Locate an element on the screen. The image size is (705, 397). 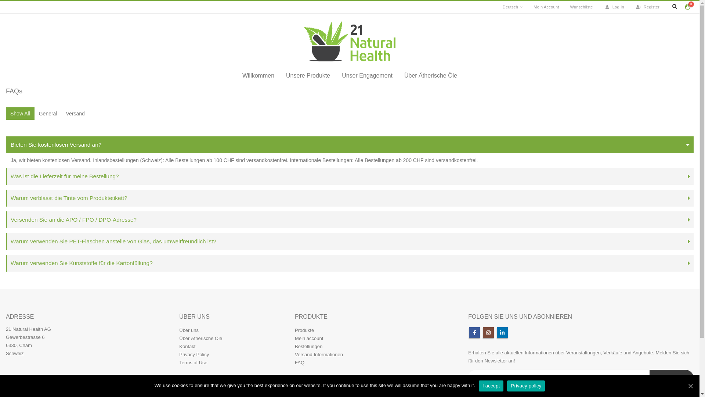
'Mein Account' is located at coordinates (546, 7).